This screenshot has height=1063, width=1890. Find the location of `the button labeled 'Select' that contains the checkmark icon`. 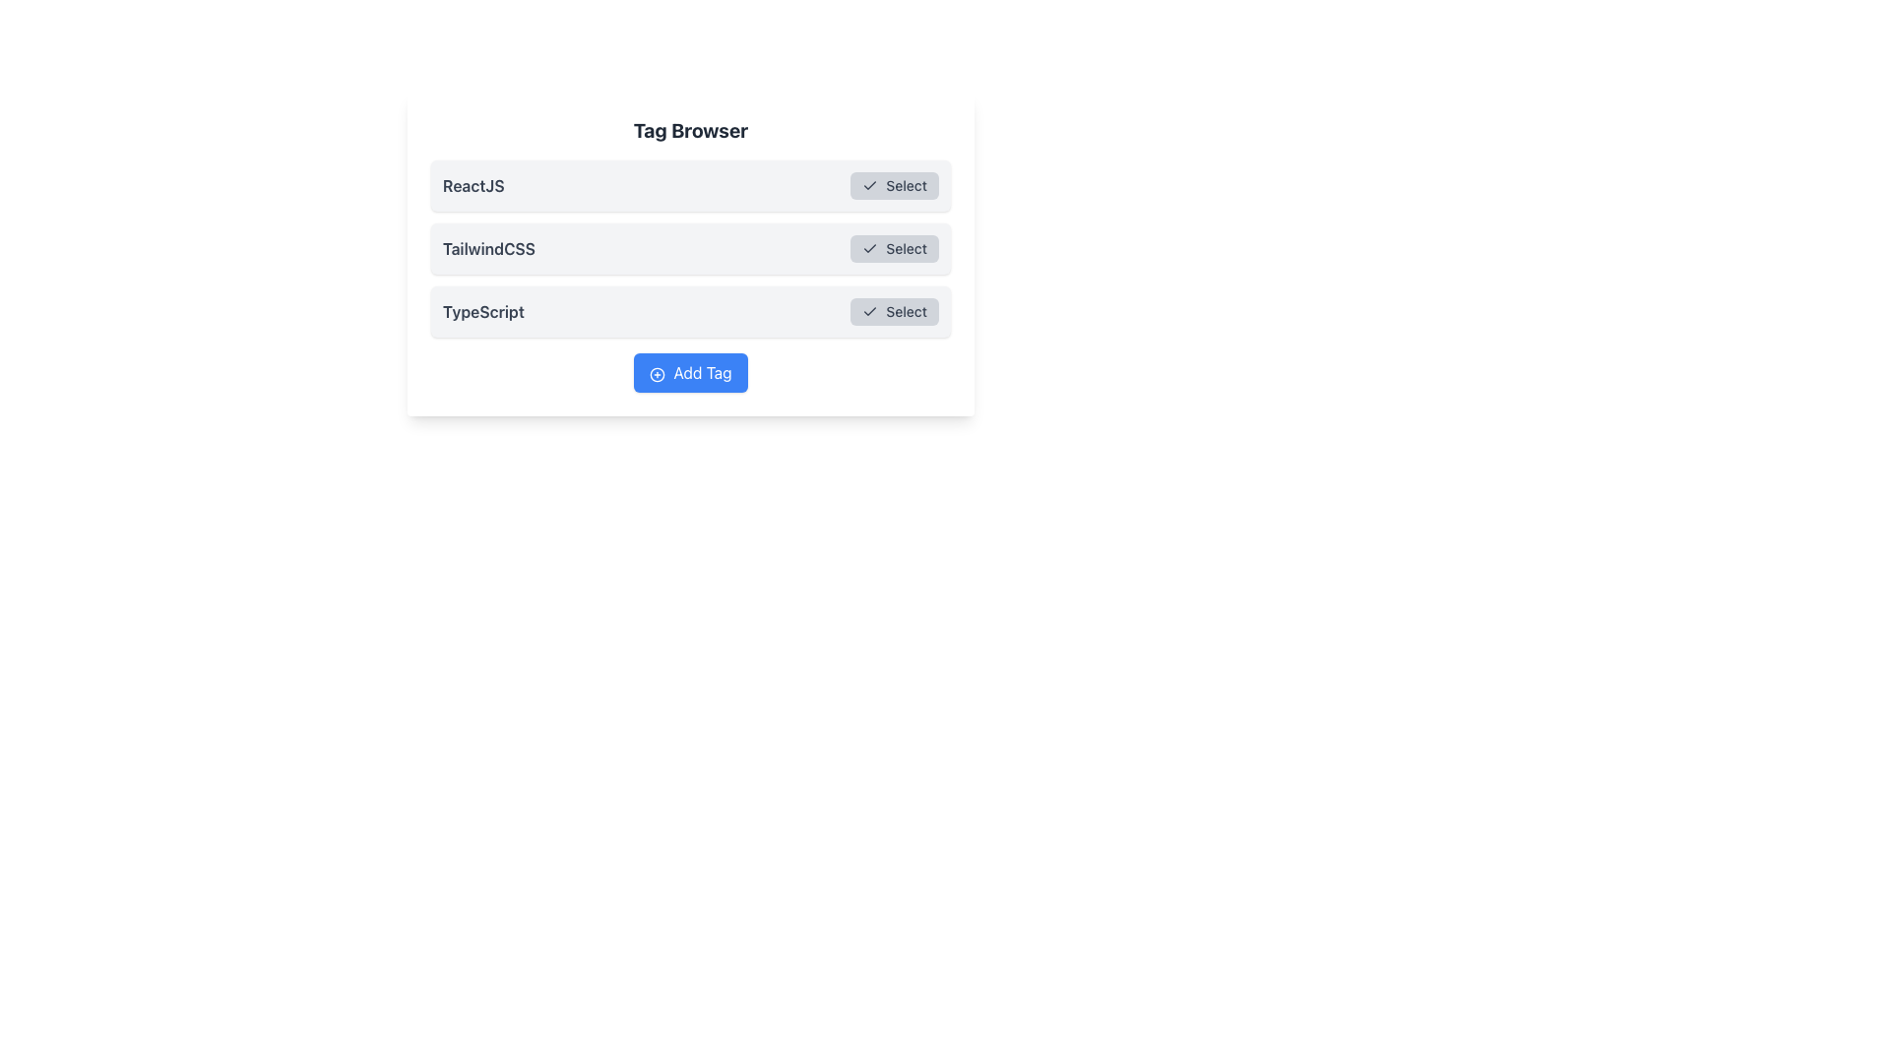

the button labeled 'Select' that contains the checkmark icon is located at coordinates (869, 248).